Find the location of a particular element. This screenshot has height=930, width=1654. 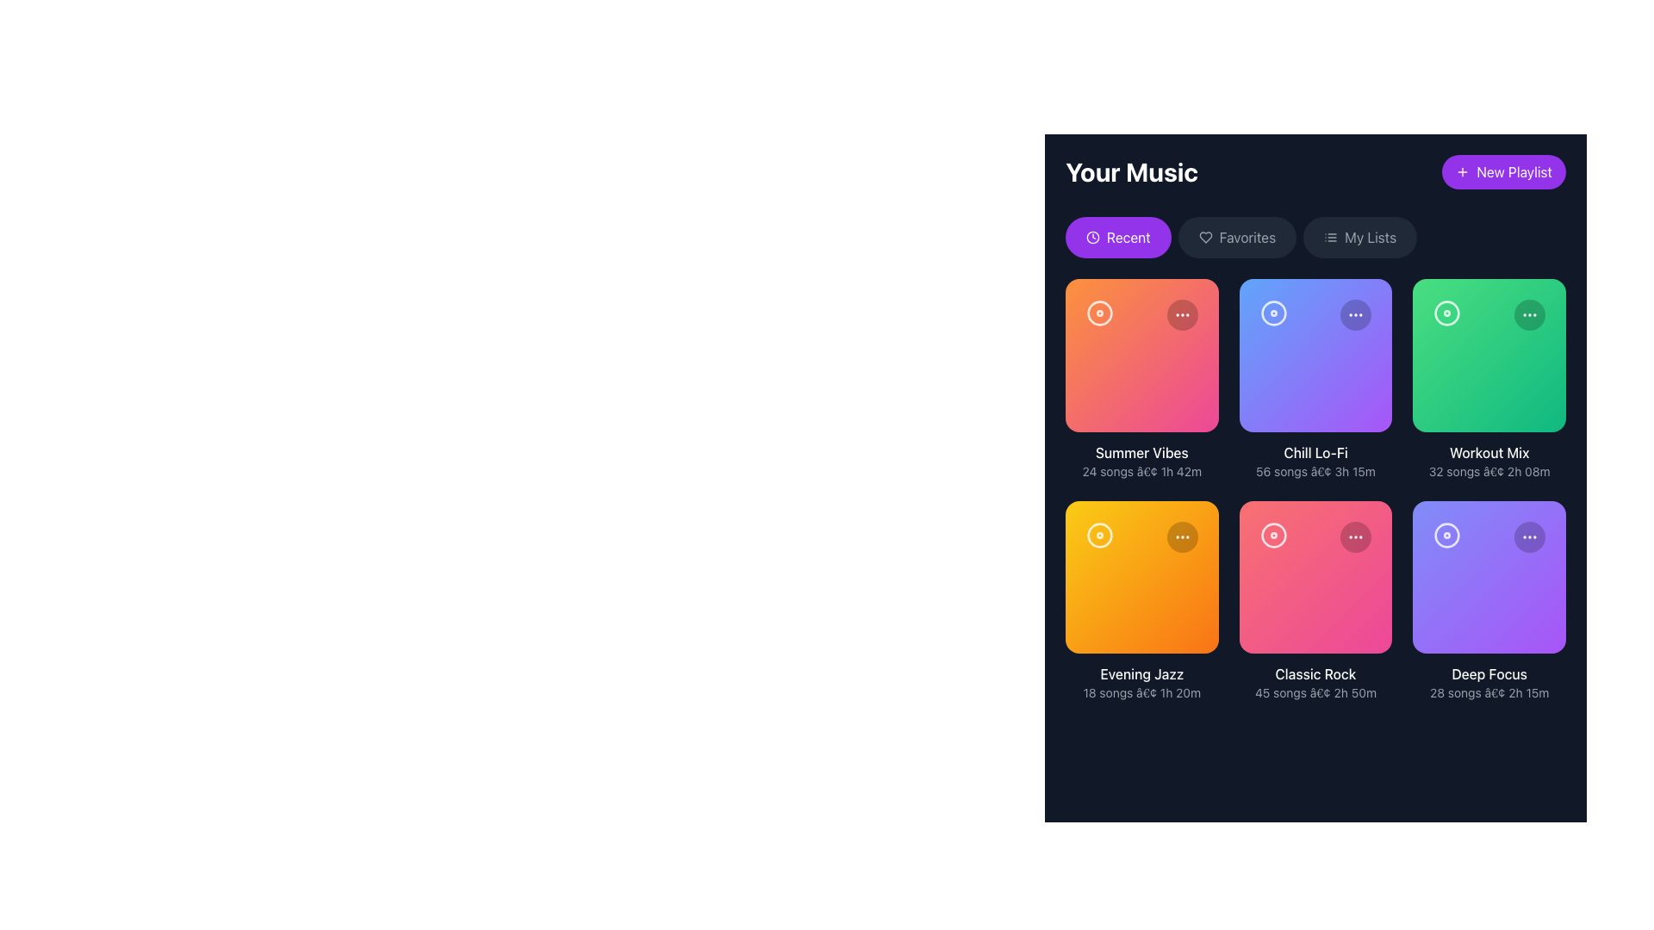

the text label displaying 'Evening Jazz' is located at coordinates (1141, 673).